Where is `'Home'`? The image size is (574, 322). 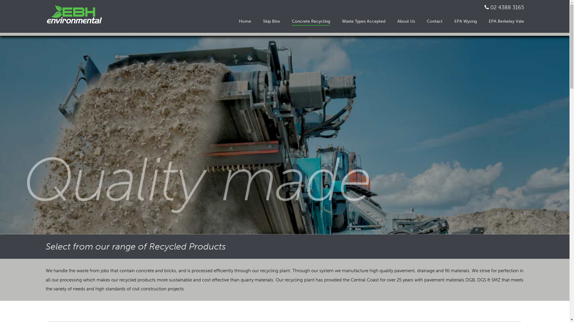
'Home' is located at coordinates (245, 21).